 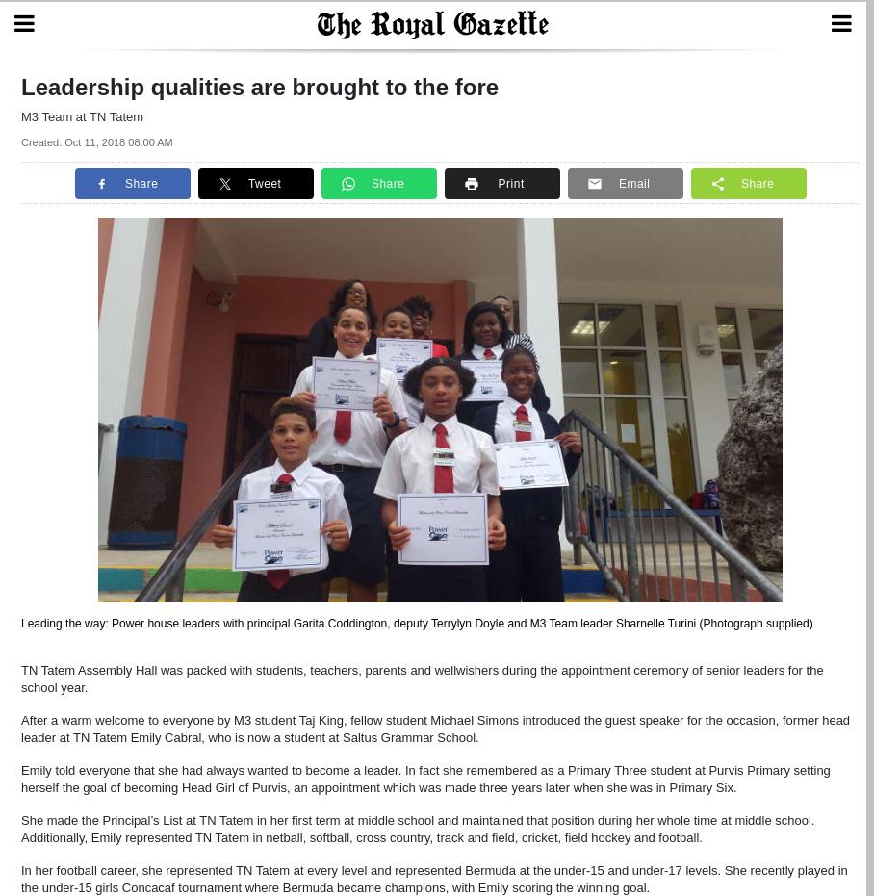 What do you see at coordinates (434, 878) in the screenshot?
I see `'In her football career, she represented TN Tatem at every level and represented Bermuda at the under-15 and under-17 levels. She recently played in the under-15 girls Concacaf tournament where Bermuda became champions, with Emily scoring the winning goal.'` at bounding box center [434, 878].